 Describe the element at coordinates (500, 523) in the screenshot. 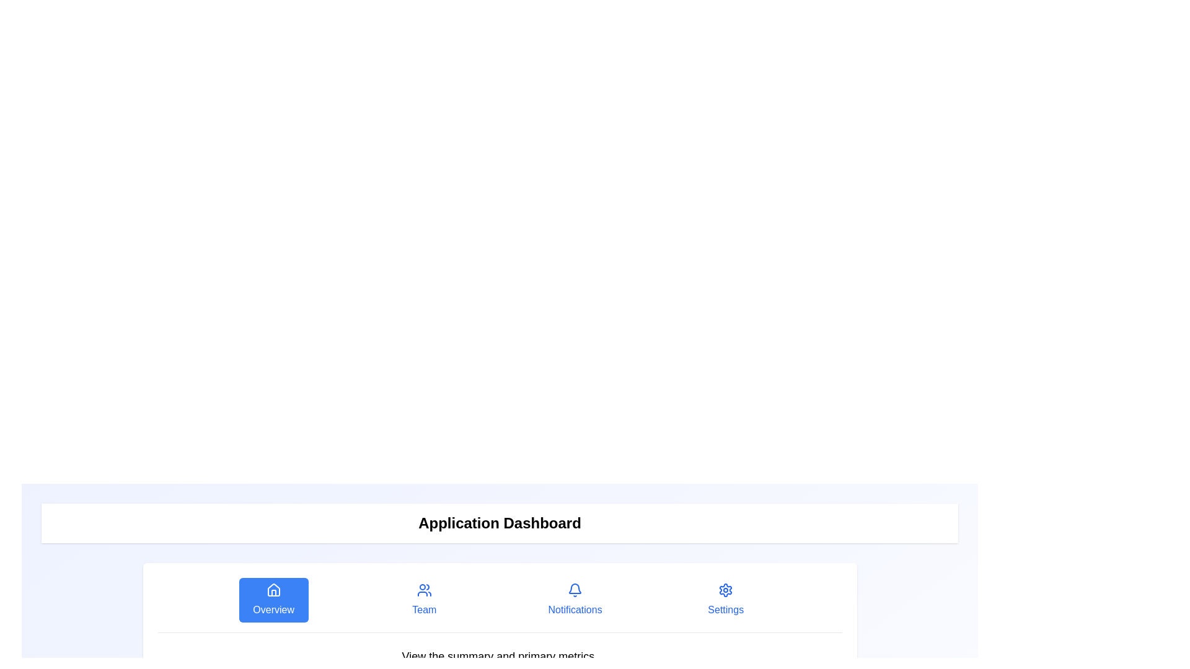

I see `the Text Heading element located at the top-center of the dashboard interface` at that location.